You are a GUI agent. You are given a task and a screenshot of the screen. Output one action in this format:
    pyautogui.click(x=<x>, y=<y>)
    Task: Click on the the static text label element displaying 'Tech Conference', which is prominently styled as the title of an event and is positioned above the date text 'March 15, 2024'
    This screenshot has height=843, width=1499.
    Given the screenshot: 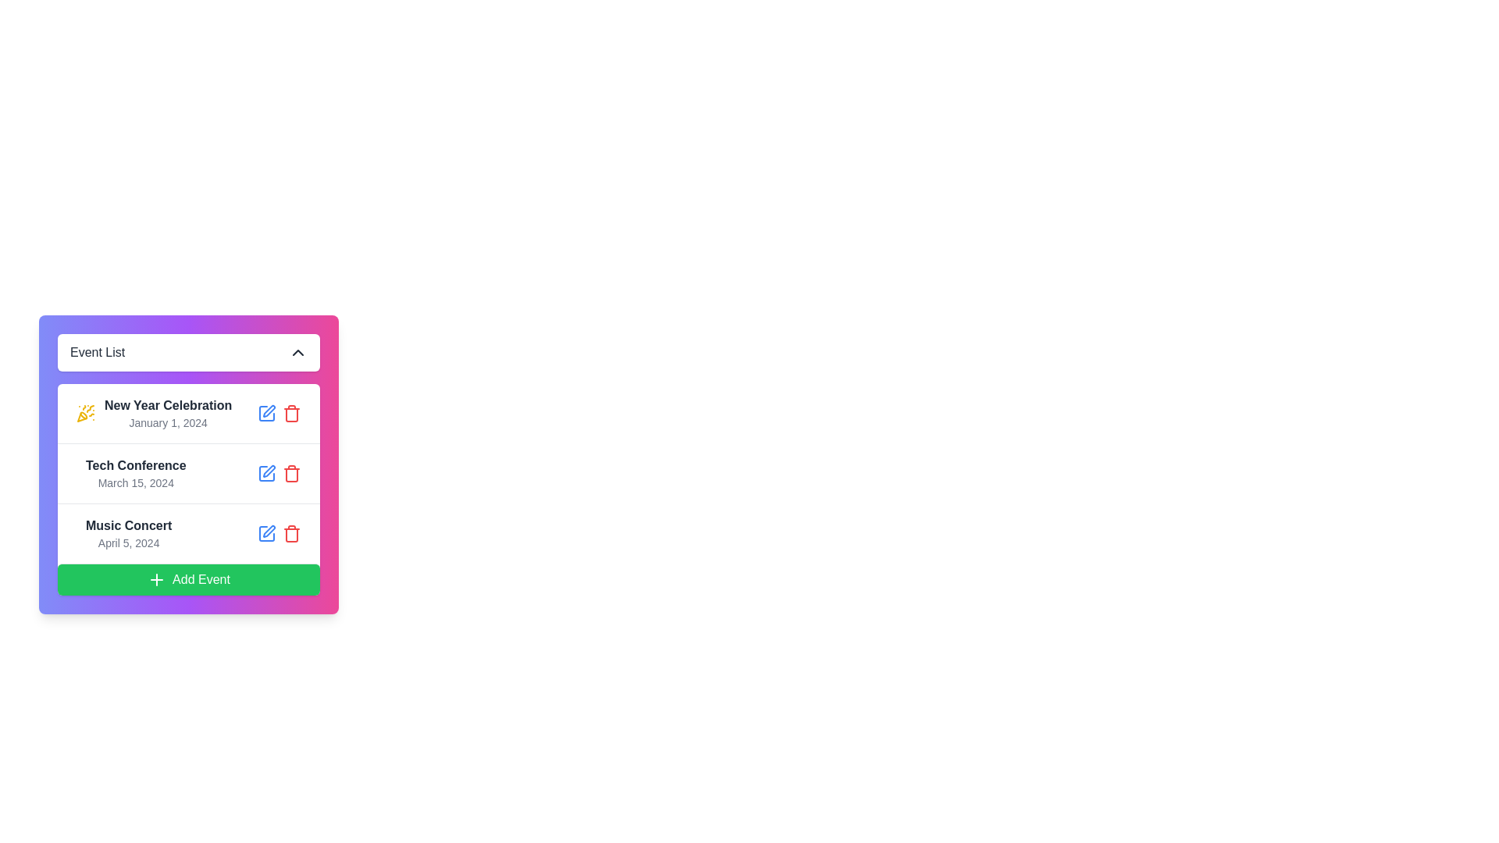 What is the action you would take?
    pyautogui.click(x=136, y=465)
    